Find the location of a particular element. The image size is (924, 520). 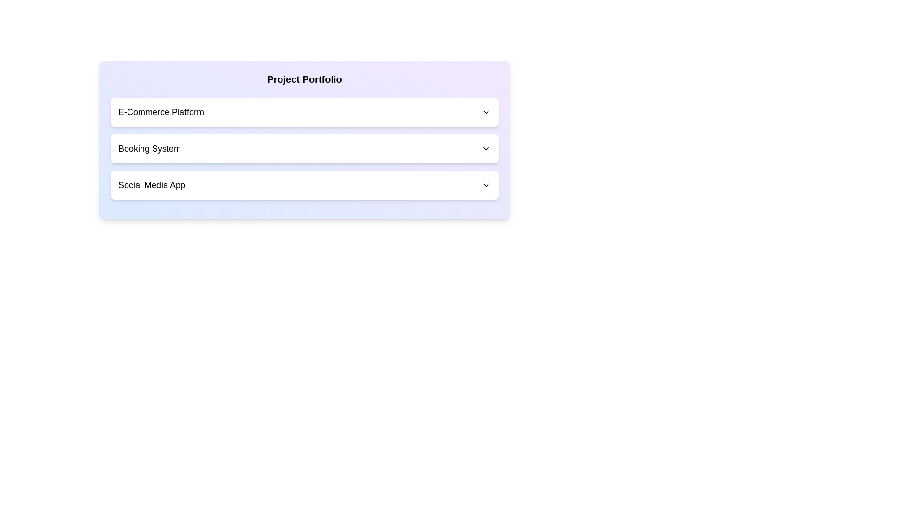

the Dropdown Indicator Icon located at the far-right end of the 'E-Commerce Platform' box is located at coordinates (486, 111).